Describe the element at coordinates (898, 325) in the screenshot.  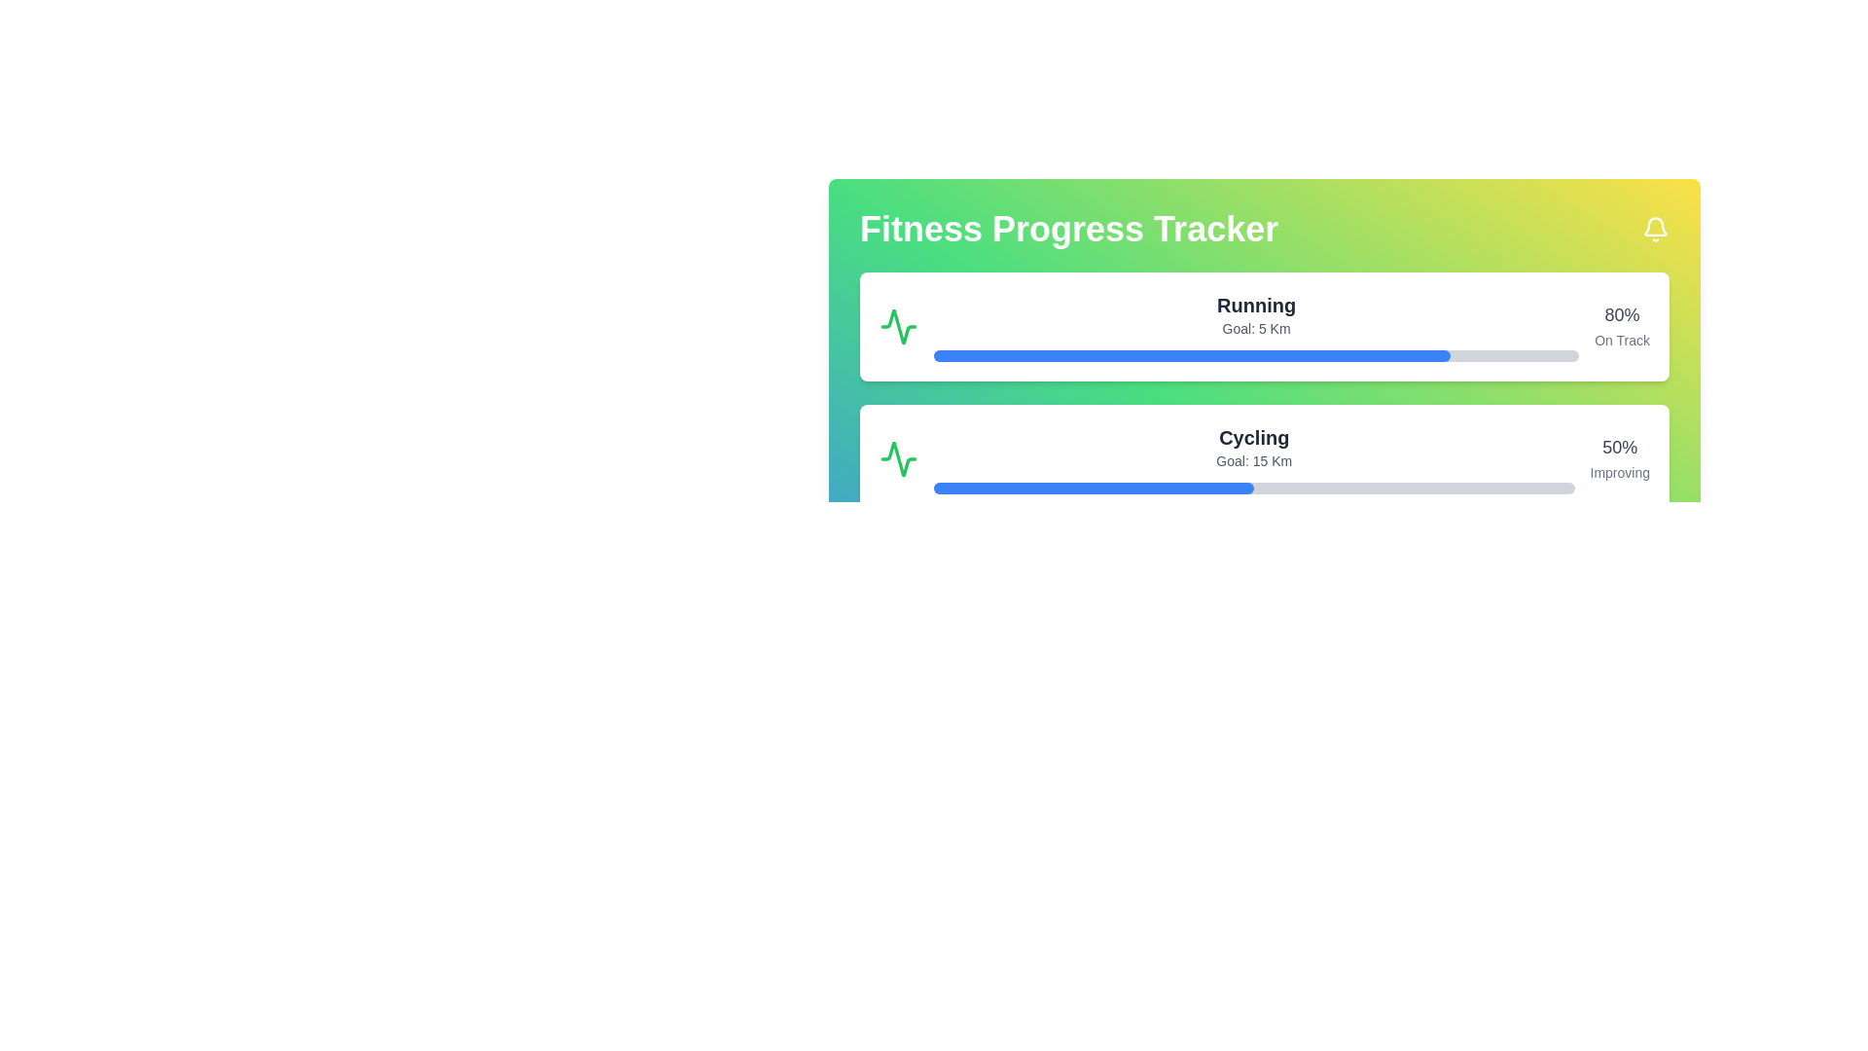
I see `the icon located in the top-left corner of the 'Running' fitness progress card, which symbolizes the activity type of the fitness goal` at that location.